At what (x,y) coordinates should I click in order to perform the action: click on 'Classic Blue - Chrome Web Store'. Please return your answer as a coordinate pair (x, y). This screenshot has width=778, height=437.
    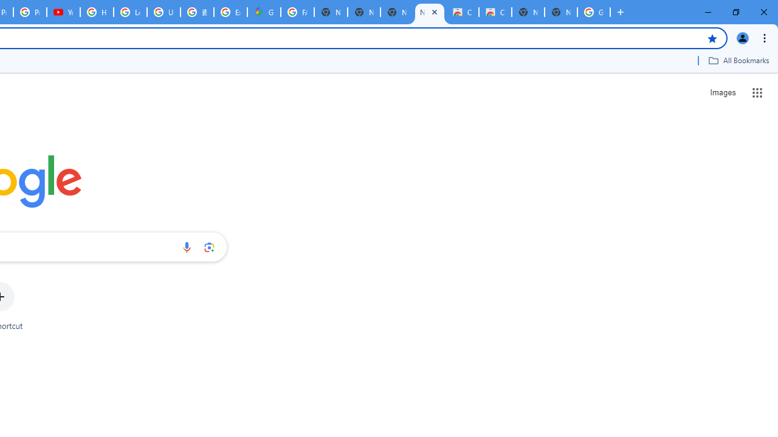
    Looking at the image, I should click on (461, 12).